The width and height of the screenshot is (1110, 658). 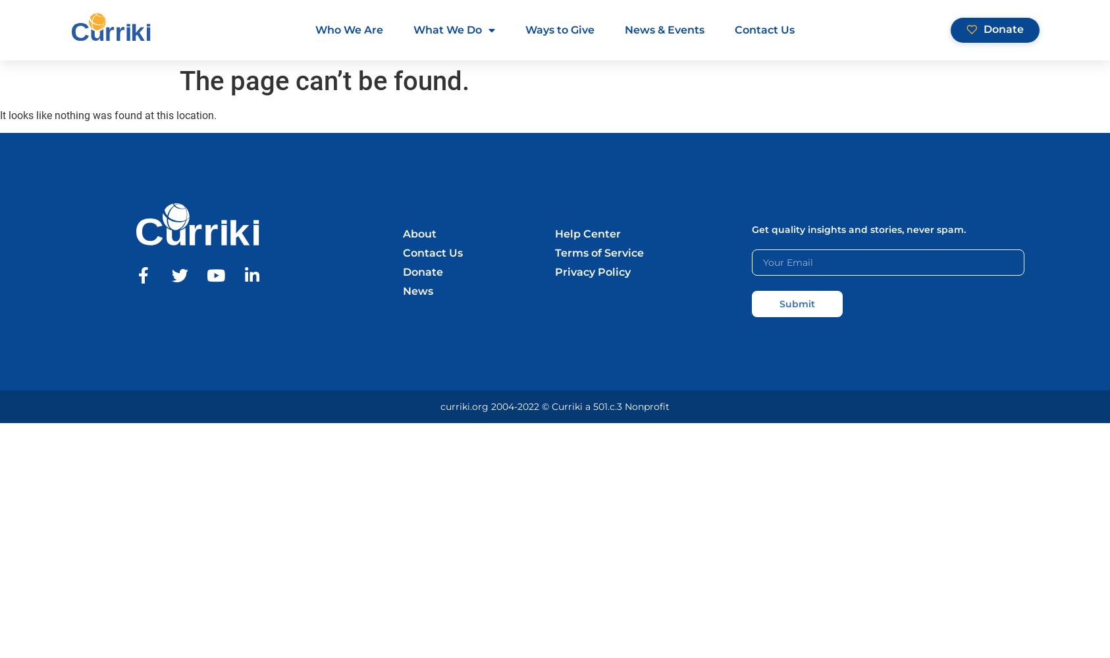 I want to click on 'It looks like nothing was found at this location.', so click(x=108, y=115).